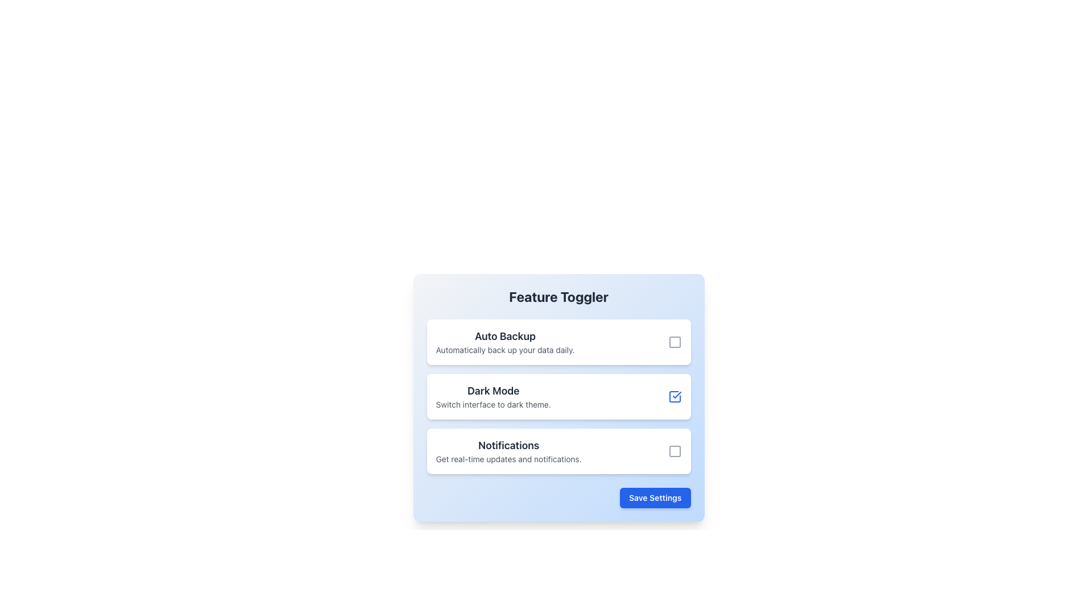 This screenshot has width=1092, height=614. I want to click on the 'Auto Backup' checkbox in the 'Feature Toggles' section, so click(559, 341).